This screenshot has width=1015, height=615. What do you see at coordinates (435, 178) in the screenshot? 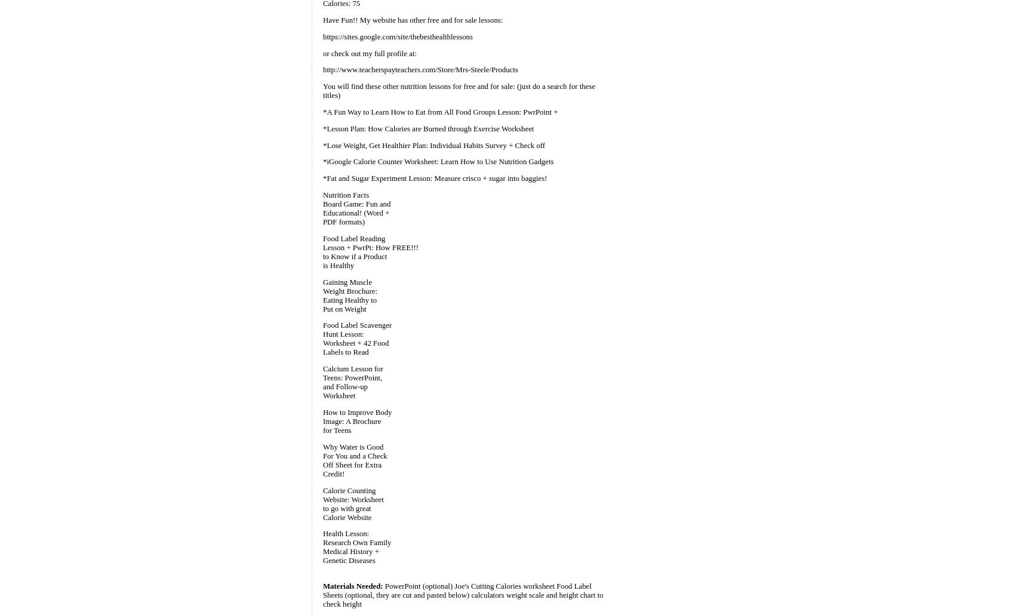
I see `'*Fat and Sugar Experiment Lesson: Measure crisco + sugar into baggies!'` at bounding box center [435, 178].